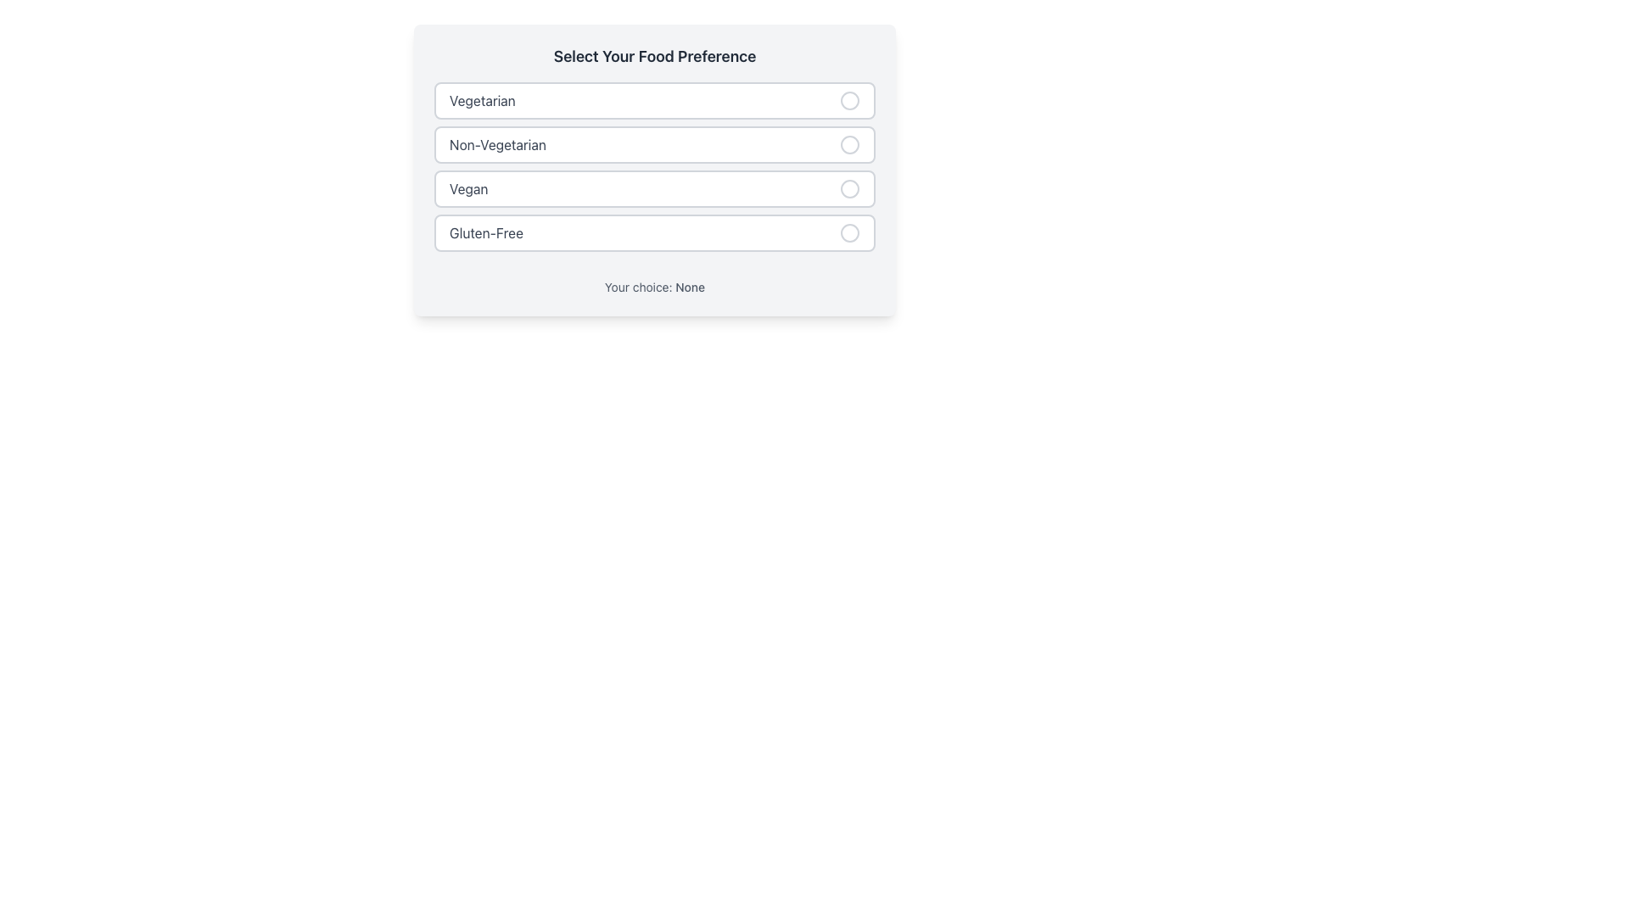 This screenshot has width=1629, height=916. Describe the element at coordinates (654, 189) in the screenshot. I see `the 'Vegan' selectable button, which is the third item in the list of food preference options` at that location.